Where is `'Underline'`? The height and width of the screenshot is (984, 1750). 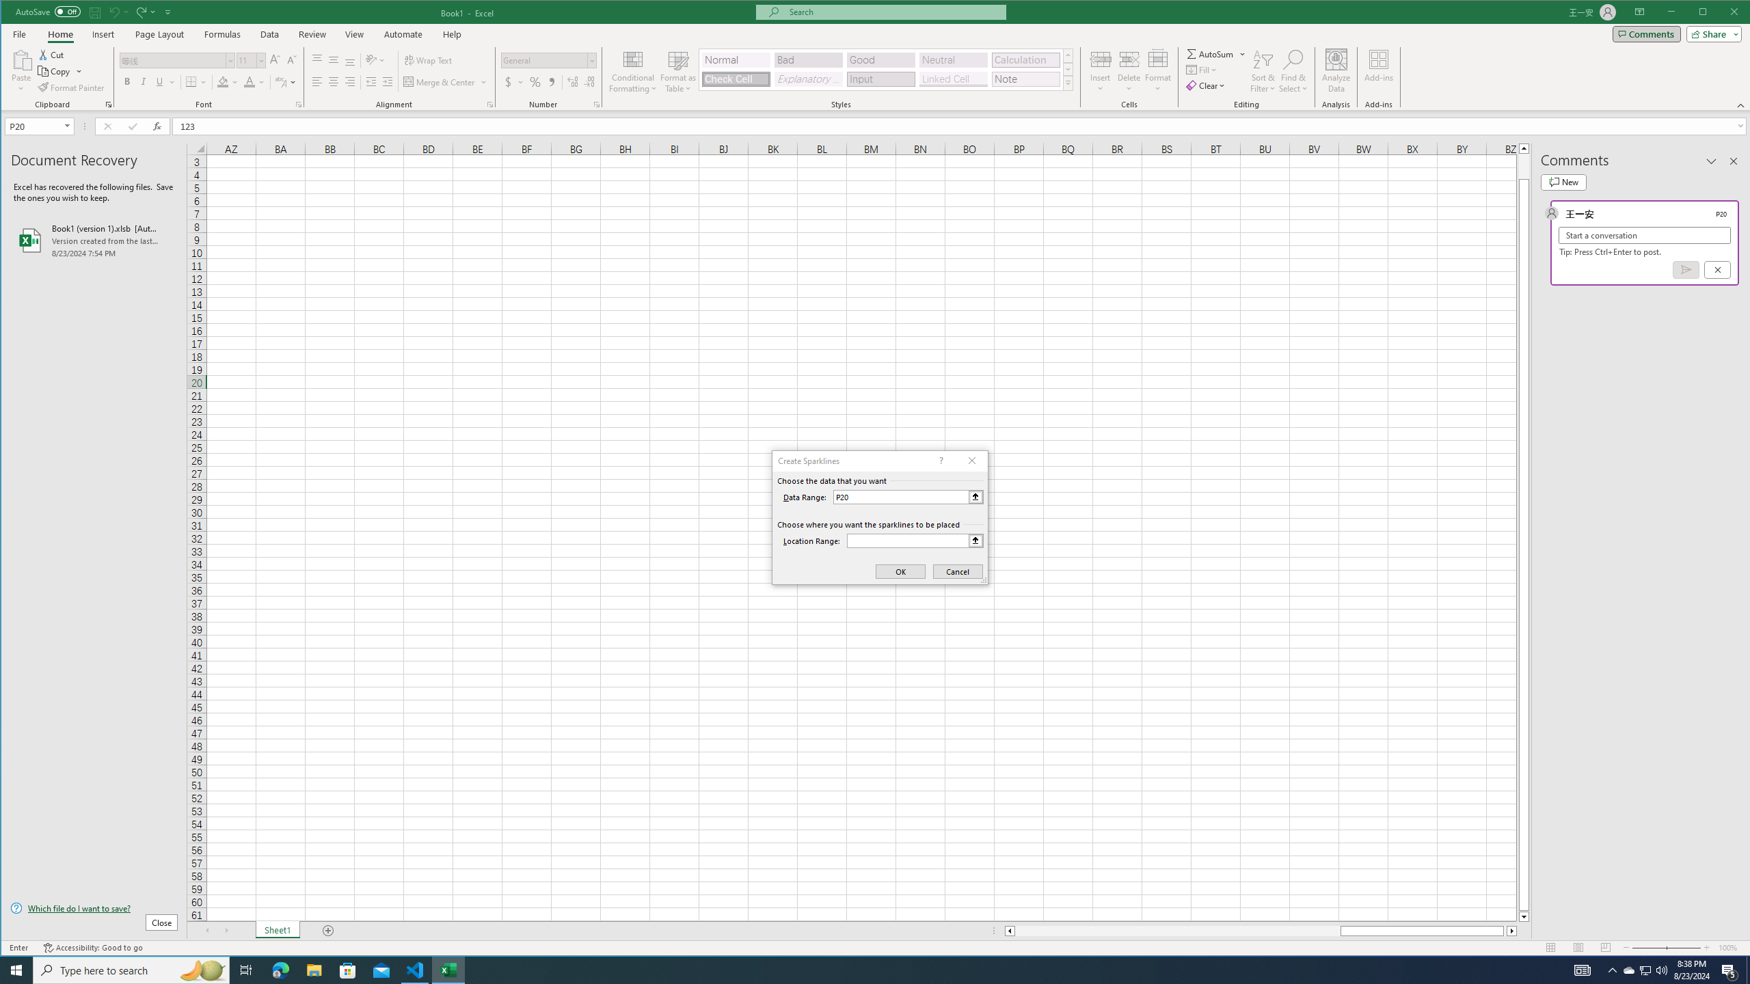 'Underline' is located at coordinates (164, 81).